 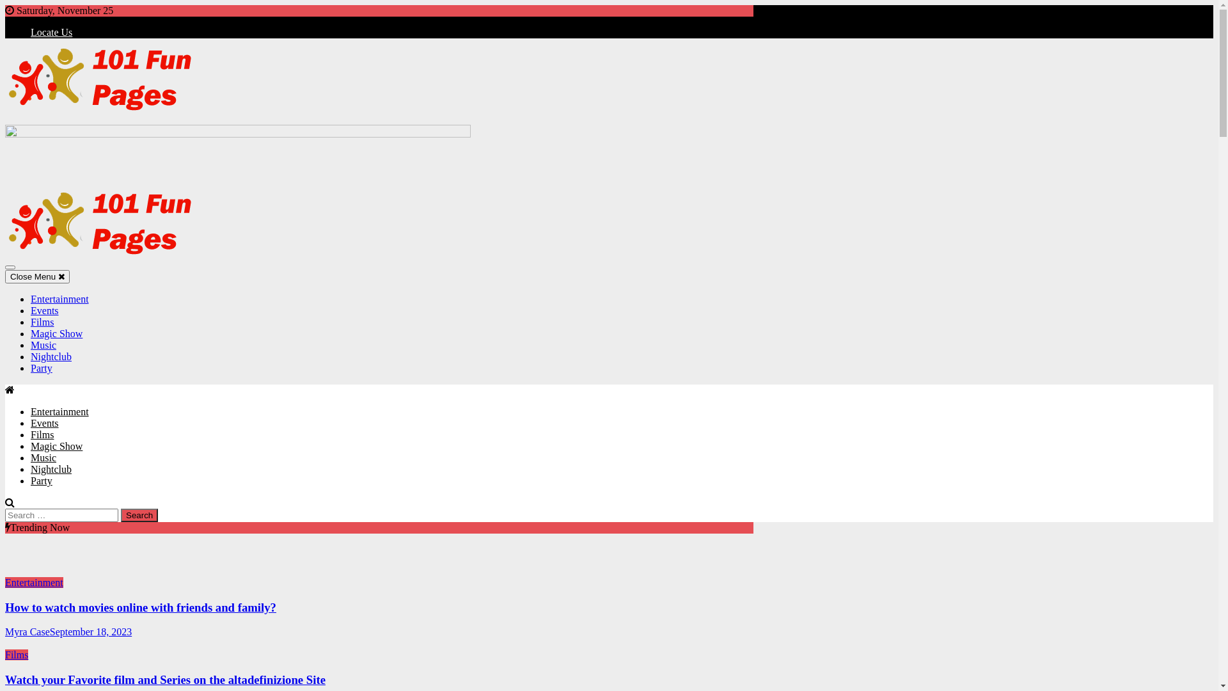 I want to click on 'Nightclub', so click(x=51, y=469).